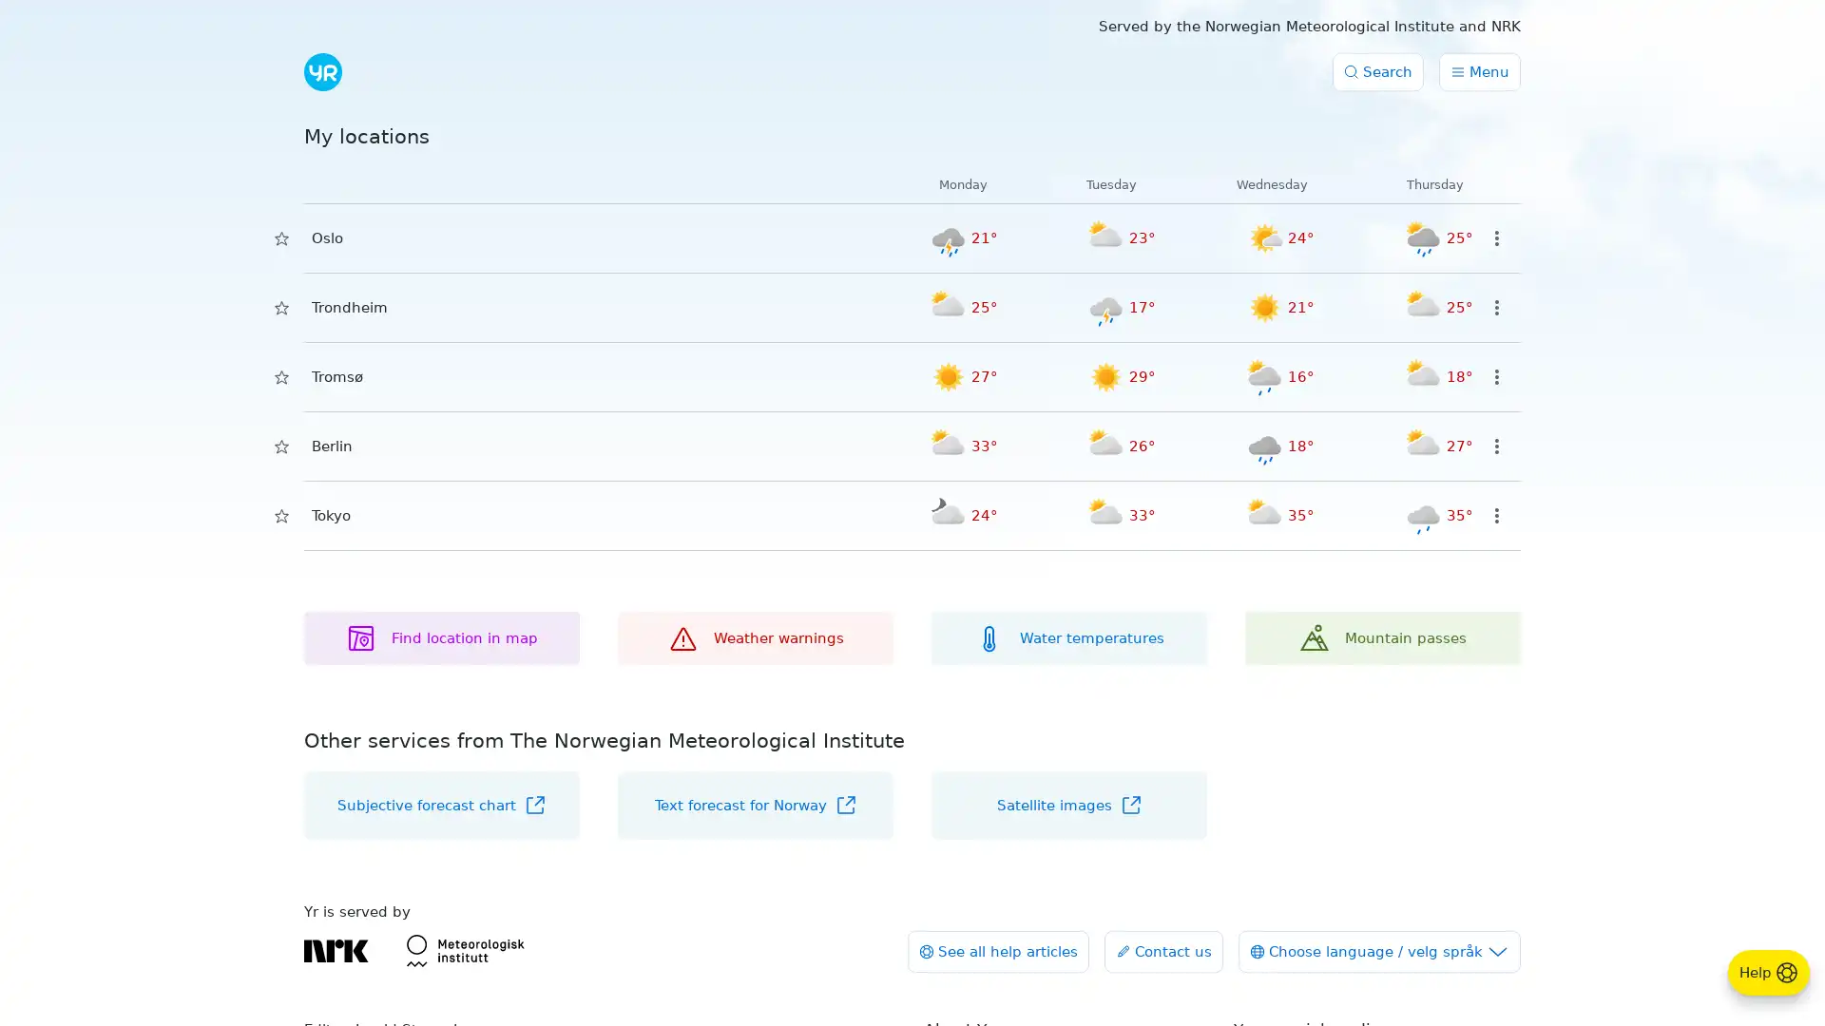  What do you see at coordinates (351, 72) in the screenshot?
I see `Submit` at bounding box center [351, 72].